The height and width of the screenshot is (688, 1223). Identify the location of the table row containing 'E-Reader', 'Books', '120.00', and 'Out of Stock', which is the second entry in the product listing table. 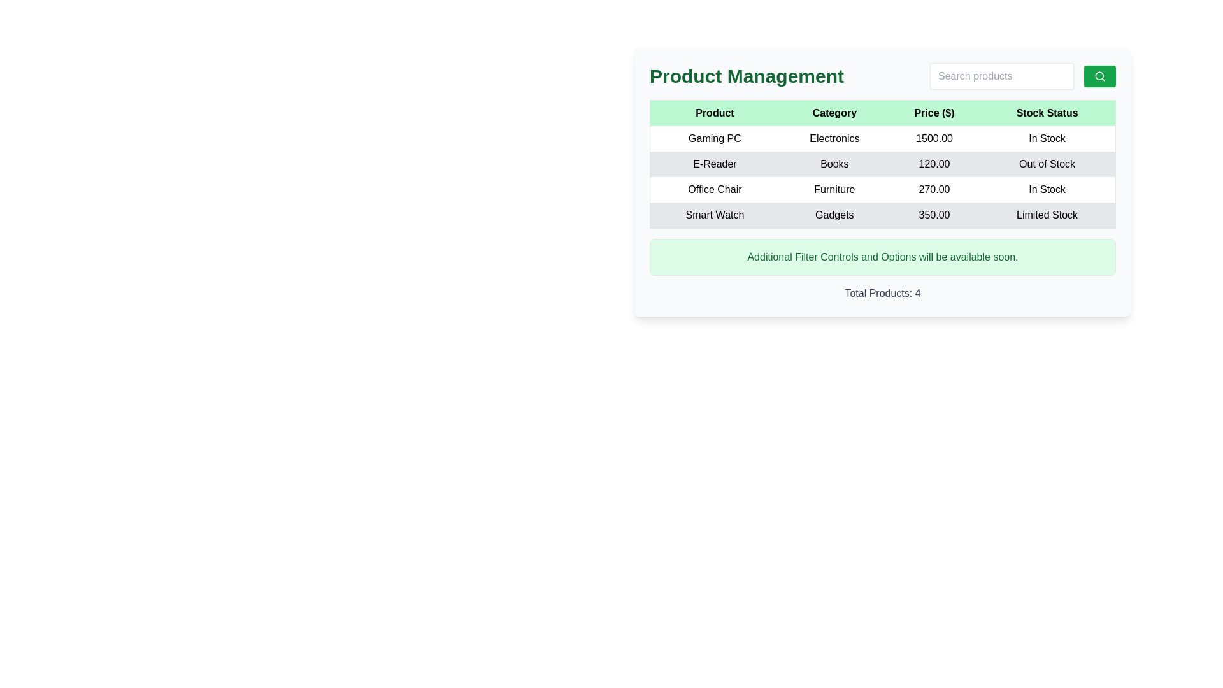
(882, 164).